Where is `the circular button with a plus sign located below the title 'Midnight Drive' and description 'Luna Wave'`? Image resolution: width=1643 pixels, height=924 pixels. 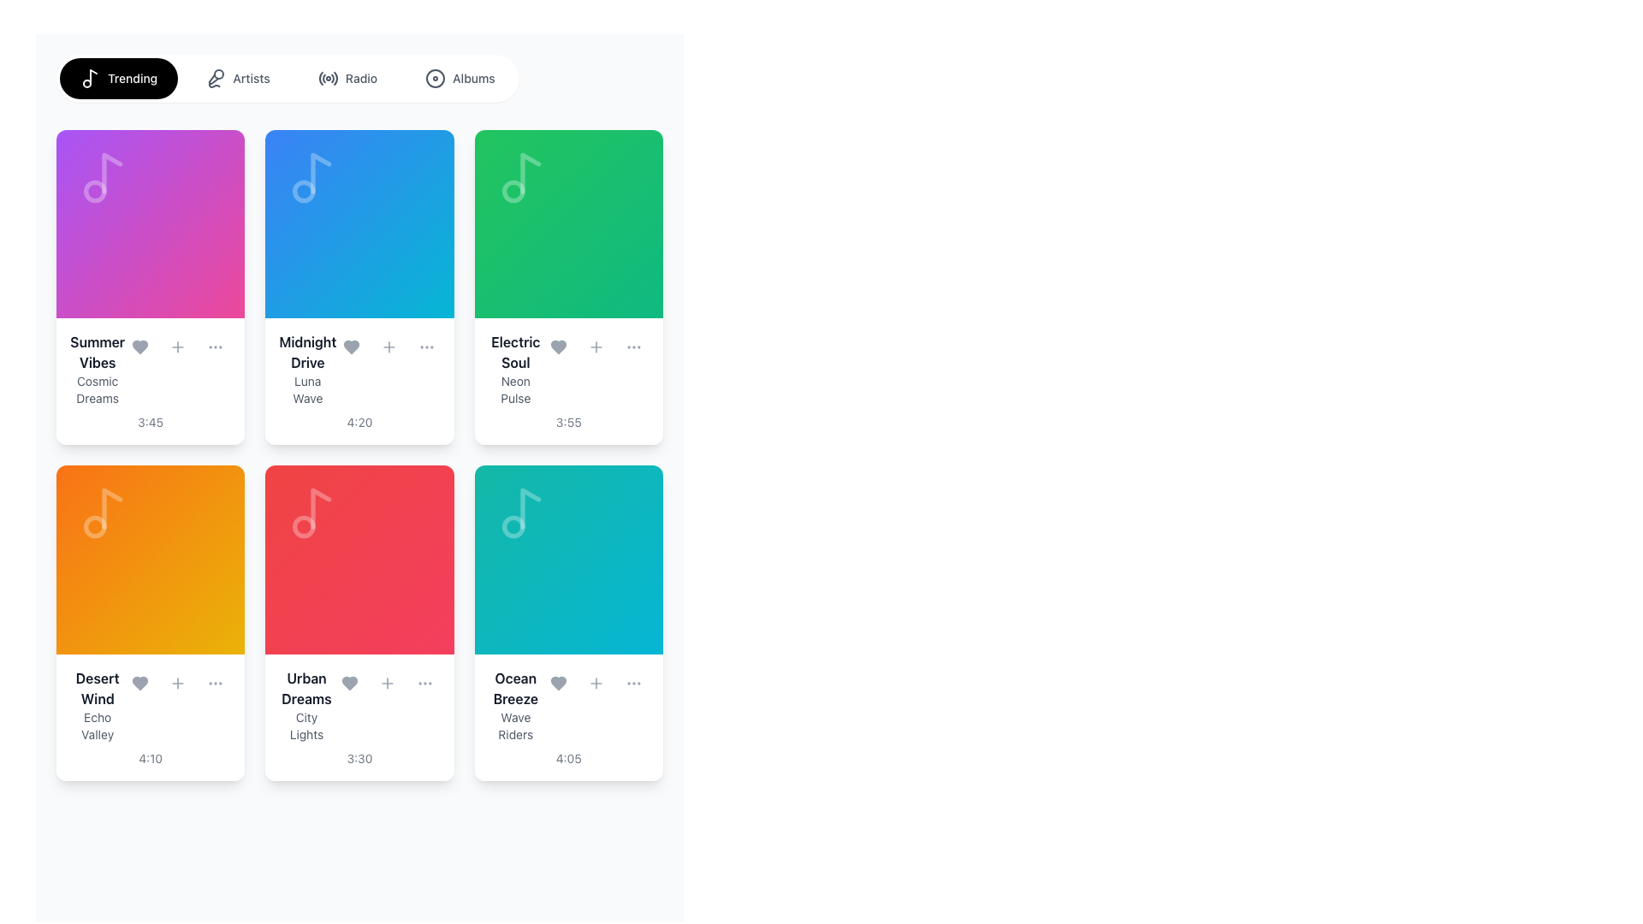
the circular button with a plus sign located below the title 'Midnight Drive' and description 'Luna Wave' is located at coordinates (389, 346).